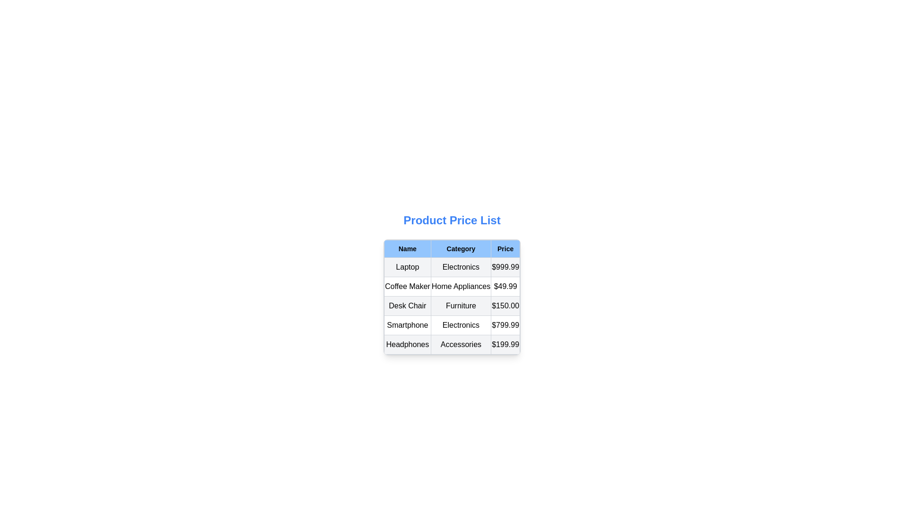 Image resolution: width=907 pixels, height=510 pixels. I want to click on the category of the product 'Coffee Maker', which is located, so click(451, 286).